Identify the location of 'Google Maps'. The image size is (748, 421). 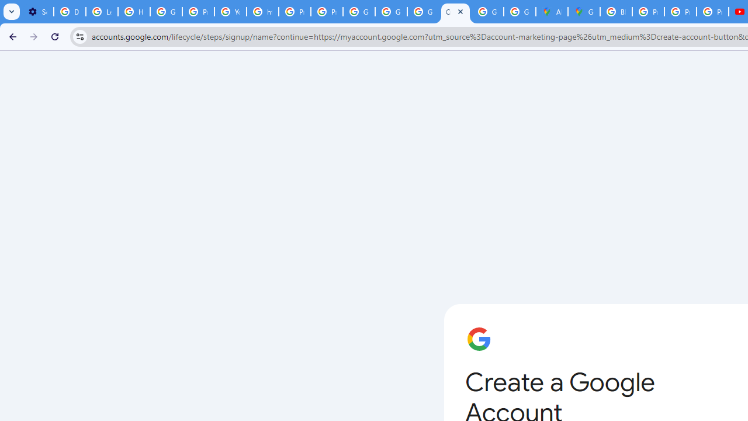
(584, 12).